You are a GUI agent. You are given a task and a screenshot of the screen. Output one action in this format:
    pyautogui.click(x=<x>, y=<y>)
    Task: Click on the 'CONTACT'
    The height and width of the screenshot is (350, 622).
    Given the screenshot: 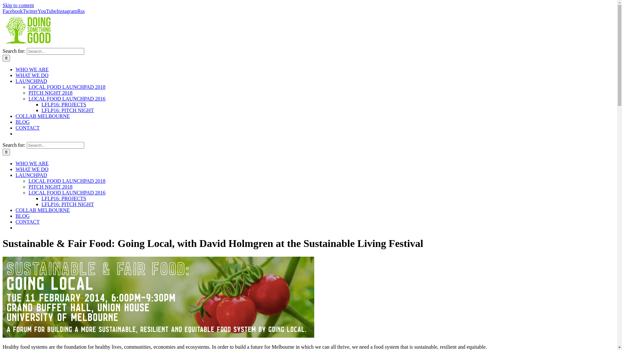 What is the action you would take?
    pyautogui.click(x=27, y=221)
    